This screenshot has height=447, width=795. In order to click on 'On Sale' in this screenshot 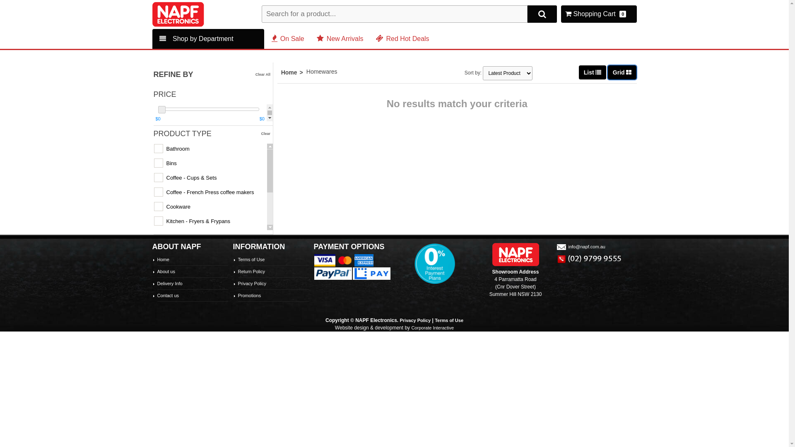, I will do `click(288, 38)`.